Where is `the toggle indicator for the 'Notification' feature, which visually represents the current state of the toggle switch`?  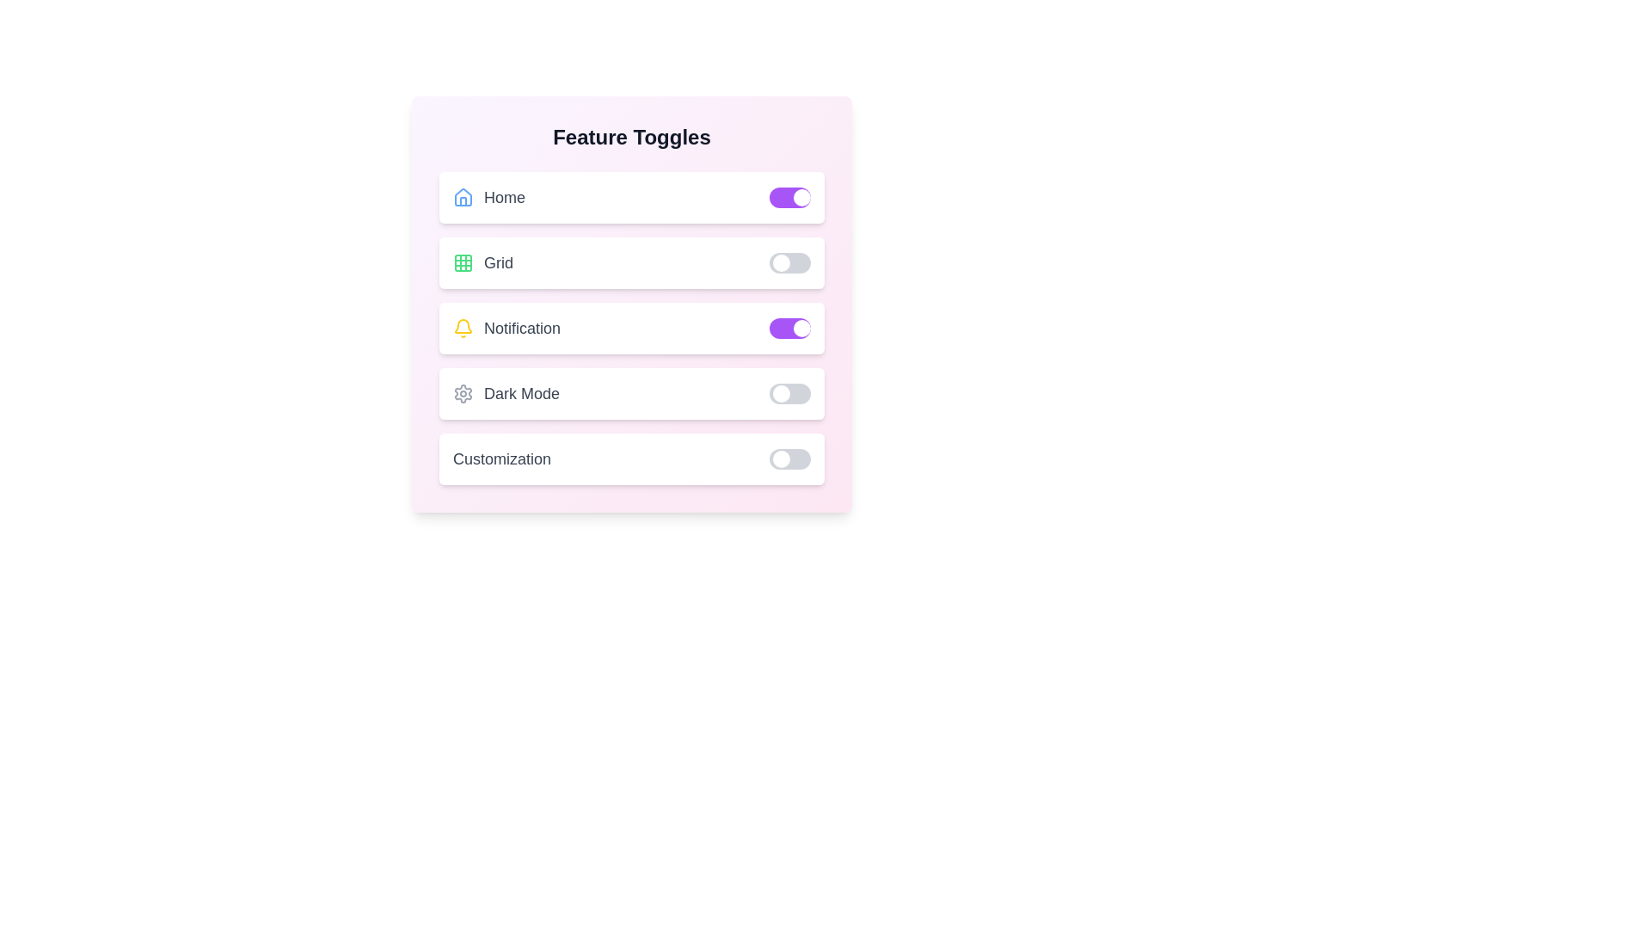 the toggle indicator for the 'Notification' feature, which visually represents the current state of the toggle switch is located at coordinates (801, 328).